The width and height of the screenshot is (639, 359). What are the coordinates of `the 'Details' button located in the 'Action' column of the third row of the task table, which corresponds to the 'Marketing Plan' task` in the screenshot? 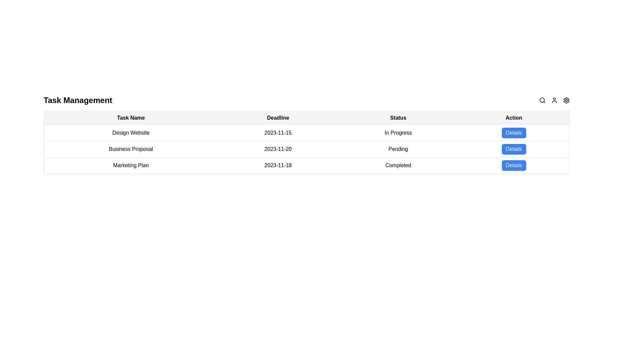 It's located at (514, 165).